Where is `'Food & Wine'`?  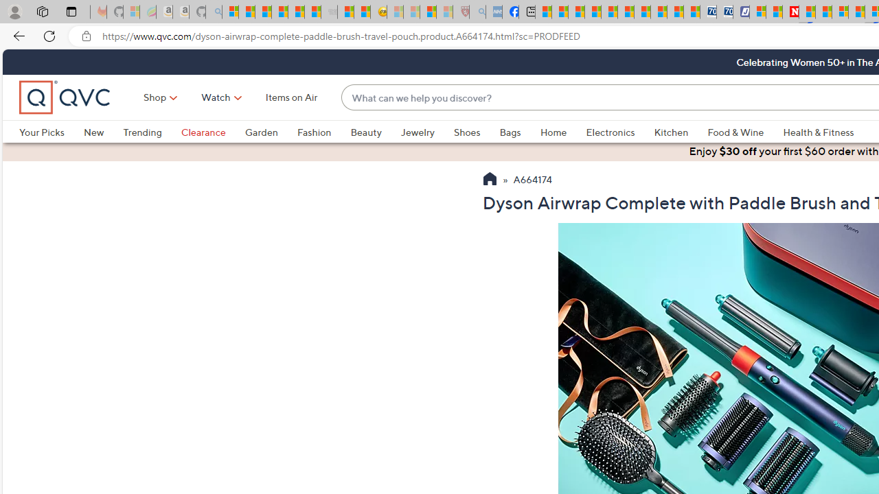 'Food & Wine' is located at coordinates (744, 132).